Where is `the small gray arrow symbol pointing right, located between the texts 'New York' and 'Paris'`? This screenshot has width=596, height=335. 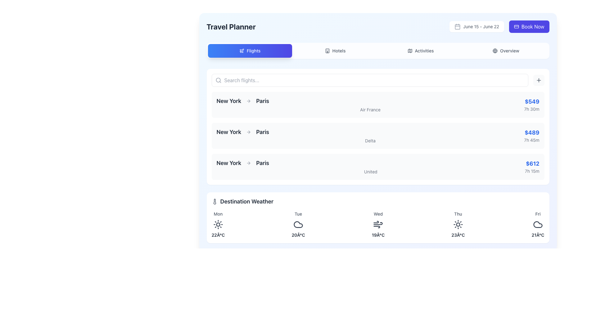 the small gray arrow symbol pointing right, located between the texts 'New York' and 'Paris' is located at coordinates (249, 101).